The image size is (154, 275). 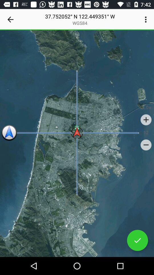 I want to click on the minus icon, so click(x=146, y=145).